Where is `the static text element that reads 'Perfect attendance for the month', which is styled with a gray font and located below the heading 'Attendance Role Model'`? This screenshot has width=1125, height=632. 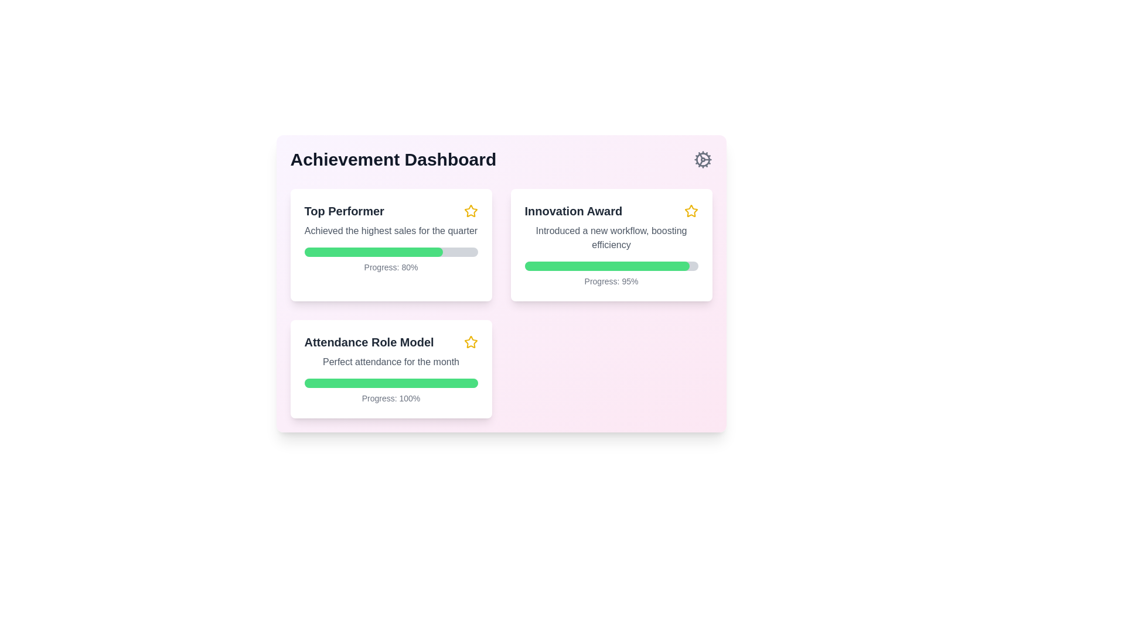
the static text element that reads 'Perfect attendance for the month', which is styled with a gray font and located below the heading 'Attendance Role Model' is located at coordinates (391, 361).